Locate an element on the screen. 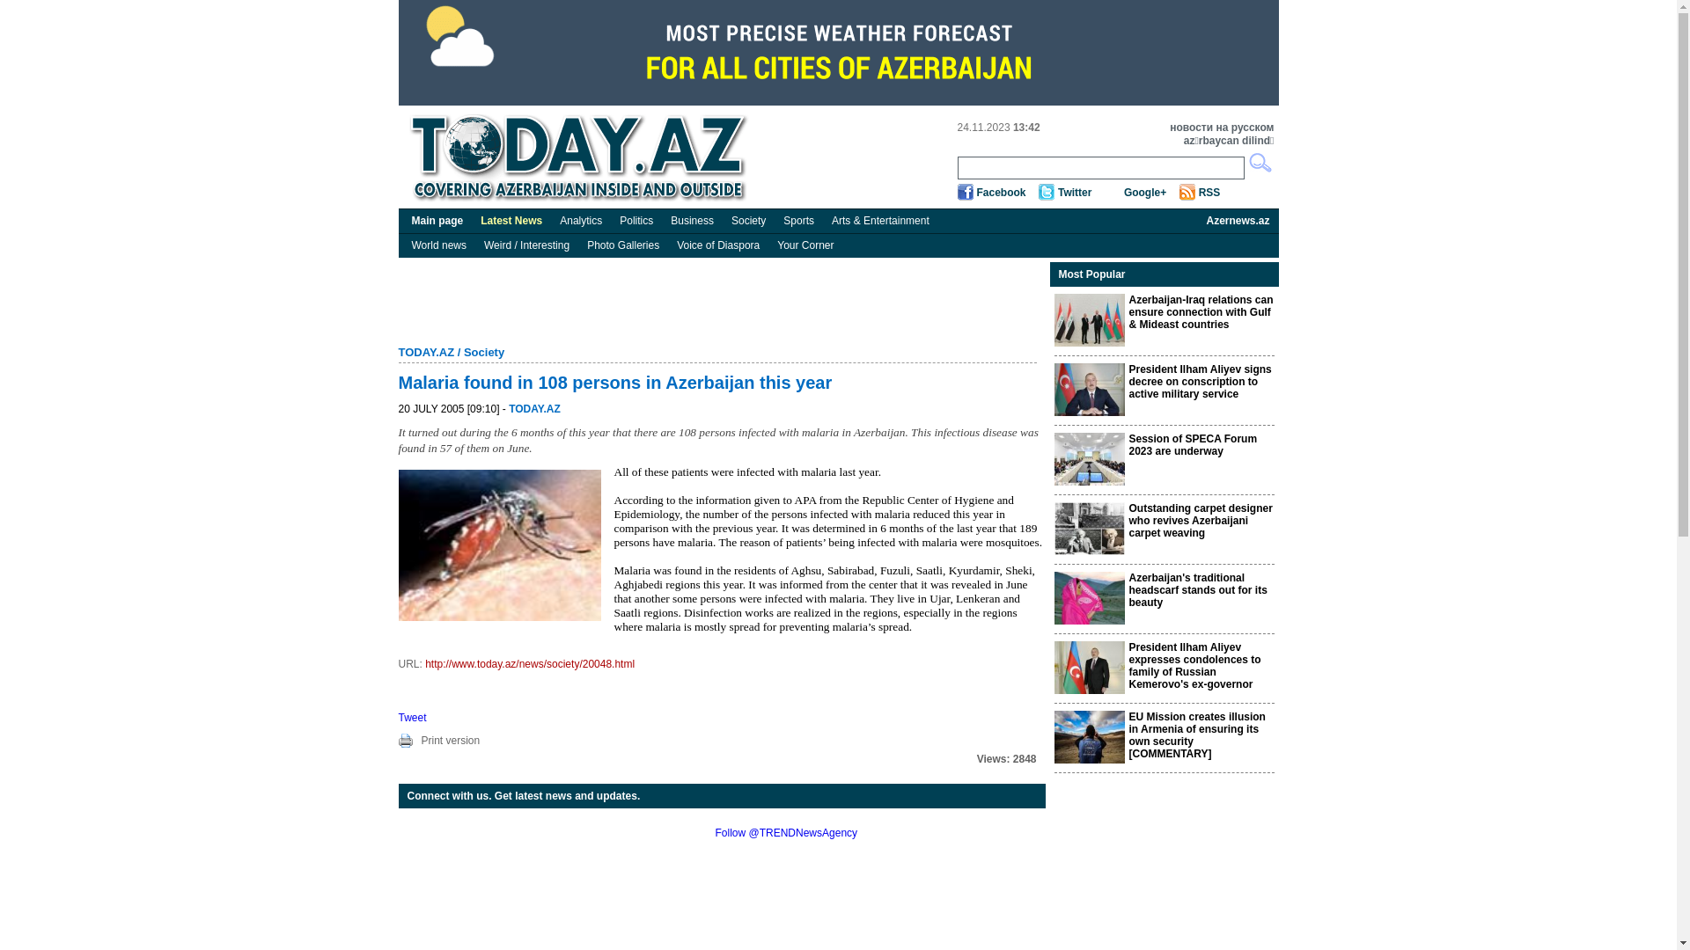 The width and height of the screenshot is (1690, 950). 'Your Corner' is located at coordinates (768, 245).